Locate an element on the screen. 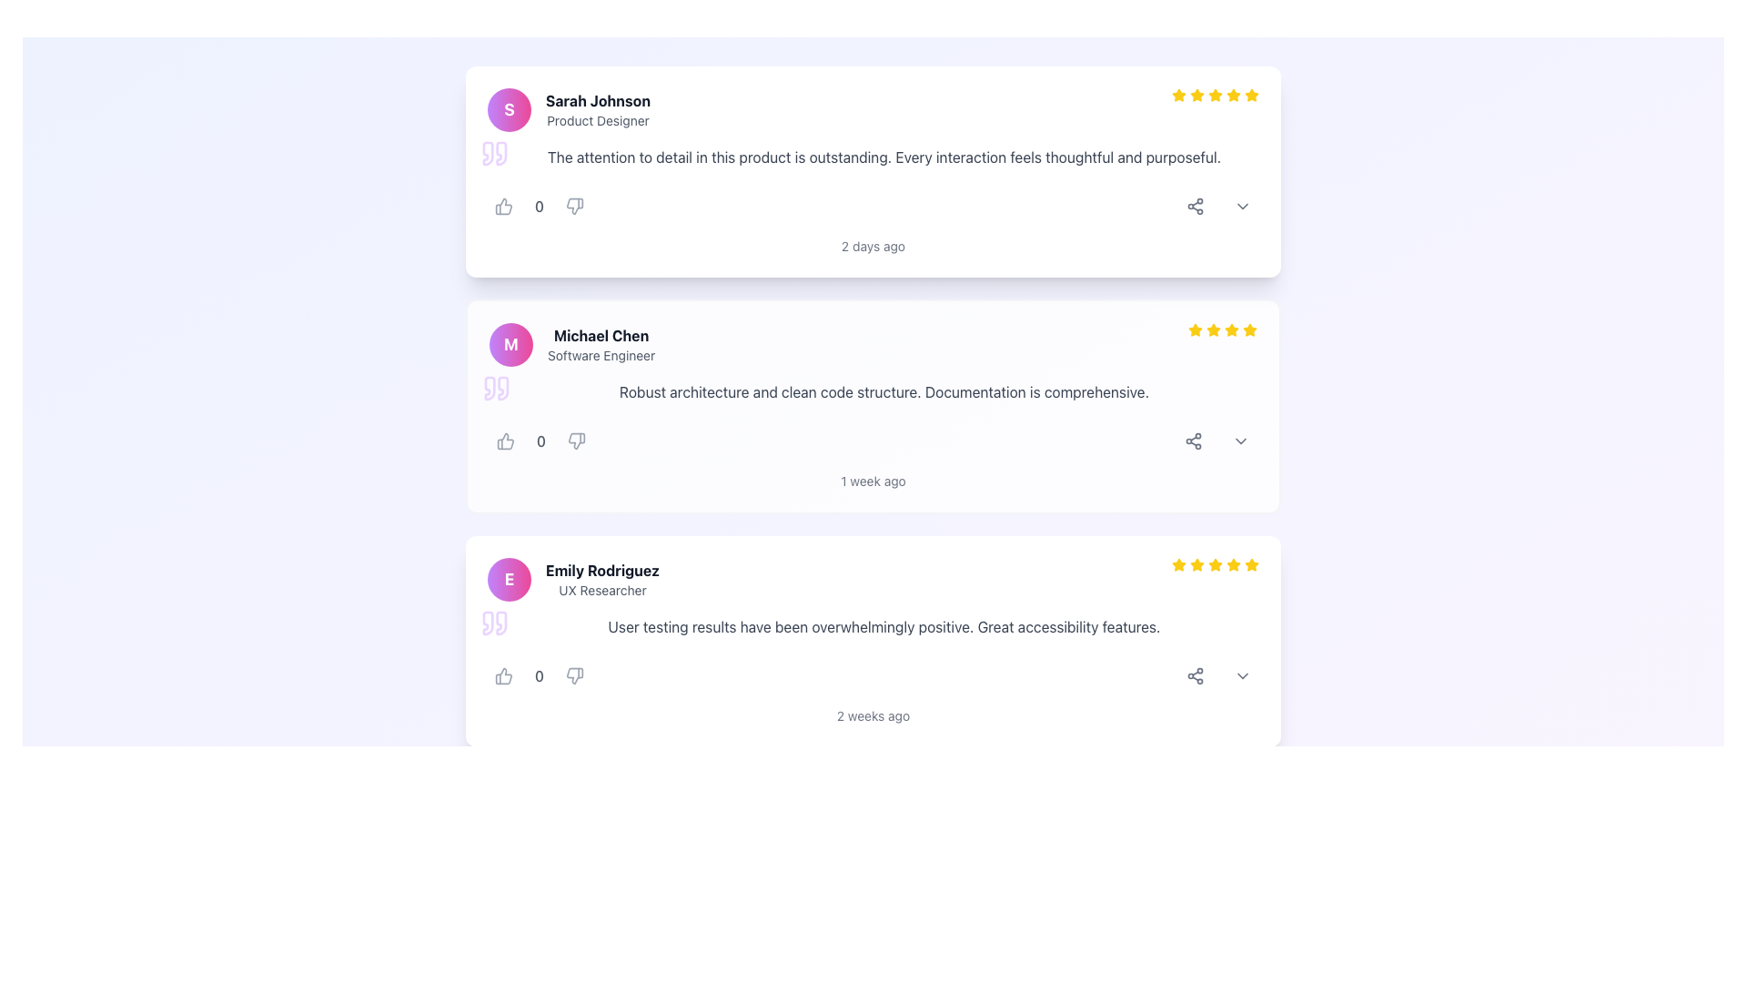  the second star in the rating component is located at coordinates (1196, 329).